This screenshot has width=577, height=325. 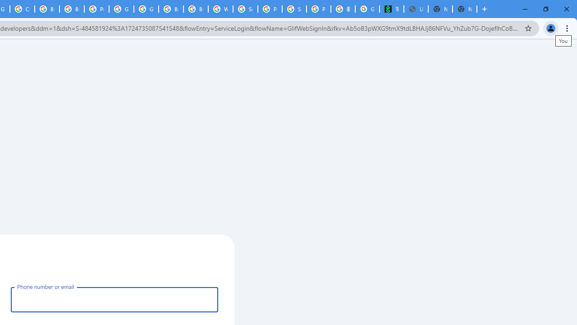 I want to click on 'Untitled', so click(x=415, y=9).